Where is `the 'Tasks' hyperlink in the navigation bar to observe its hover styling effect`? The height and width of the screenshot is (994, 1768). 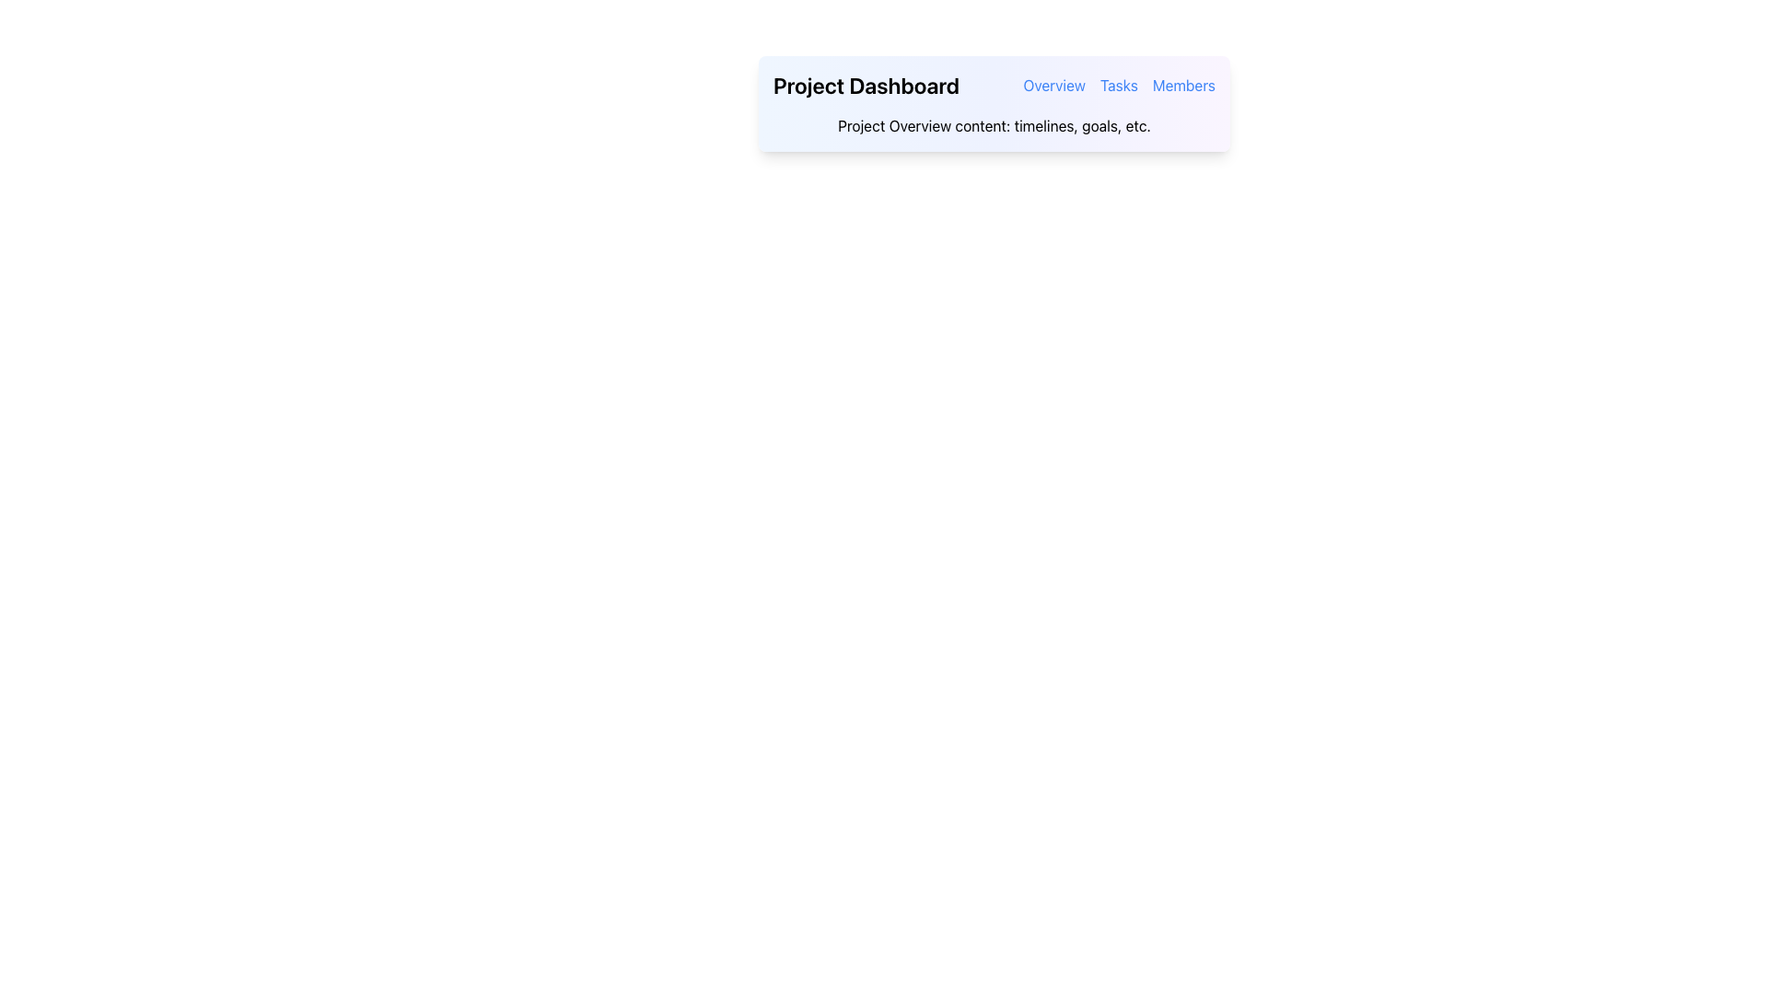 the 'Tasks' hyperlink in the navigation bar to observe its hover styling effect is located at coordinates (1118, 85).